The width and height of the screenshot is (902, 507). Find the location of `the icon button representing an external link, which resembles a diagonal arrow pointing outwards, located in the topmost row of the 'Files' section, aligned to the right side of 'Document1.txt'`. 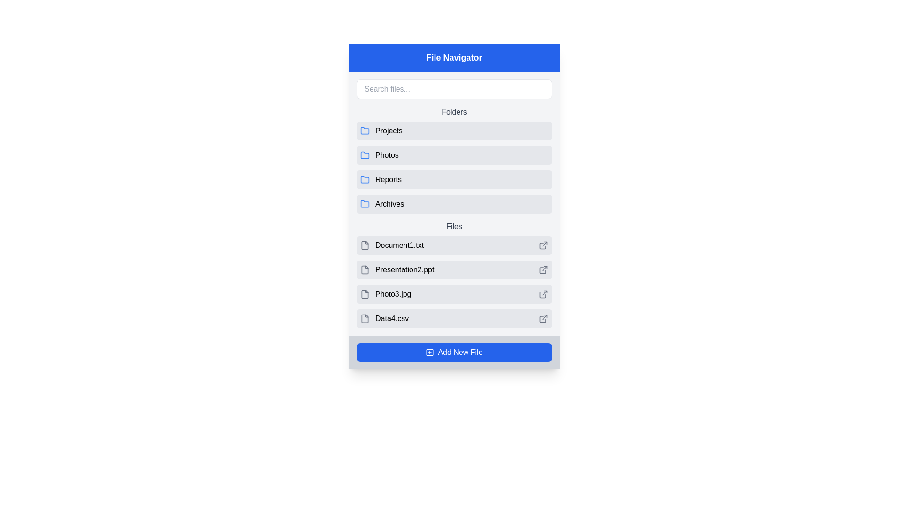

the icon button representing an external link, which resembles a diagonal arrow pointing outwards, located in the topmost row of the 'Files' section, aligned to the right side of 'Document1.txt' is located at coordinates (543, 245).